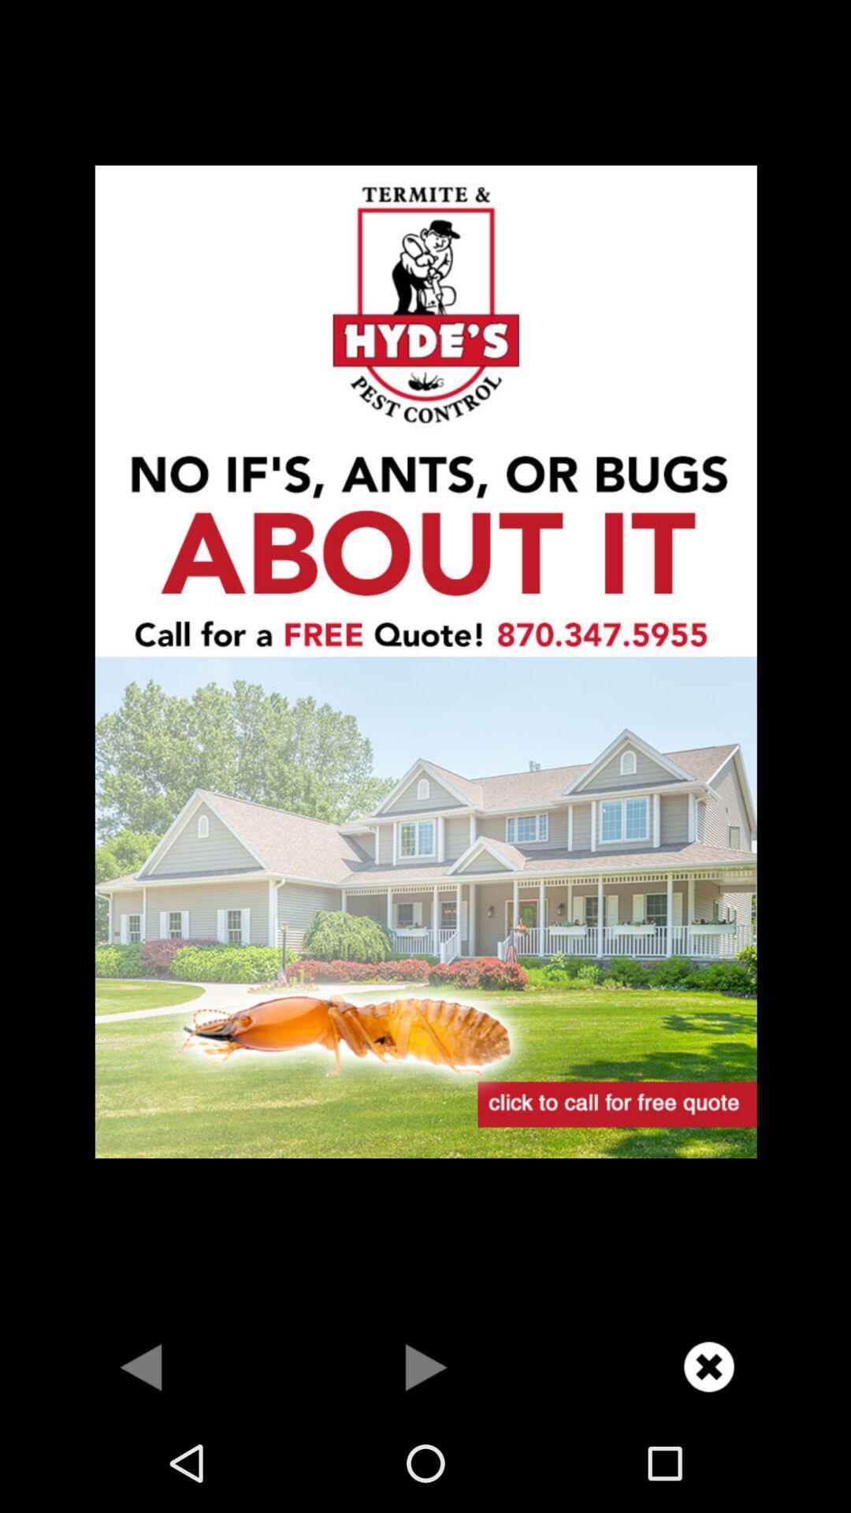 This screenshot has height=1513, width=851. What do you see at coordinates (425, 1366) in the screenshot?
I see `forward` at bounding box center [425, 1366].